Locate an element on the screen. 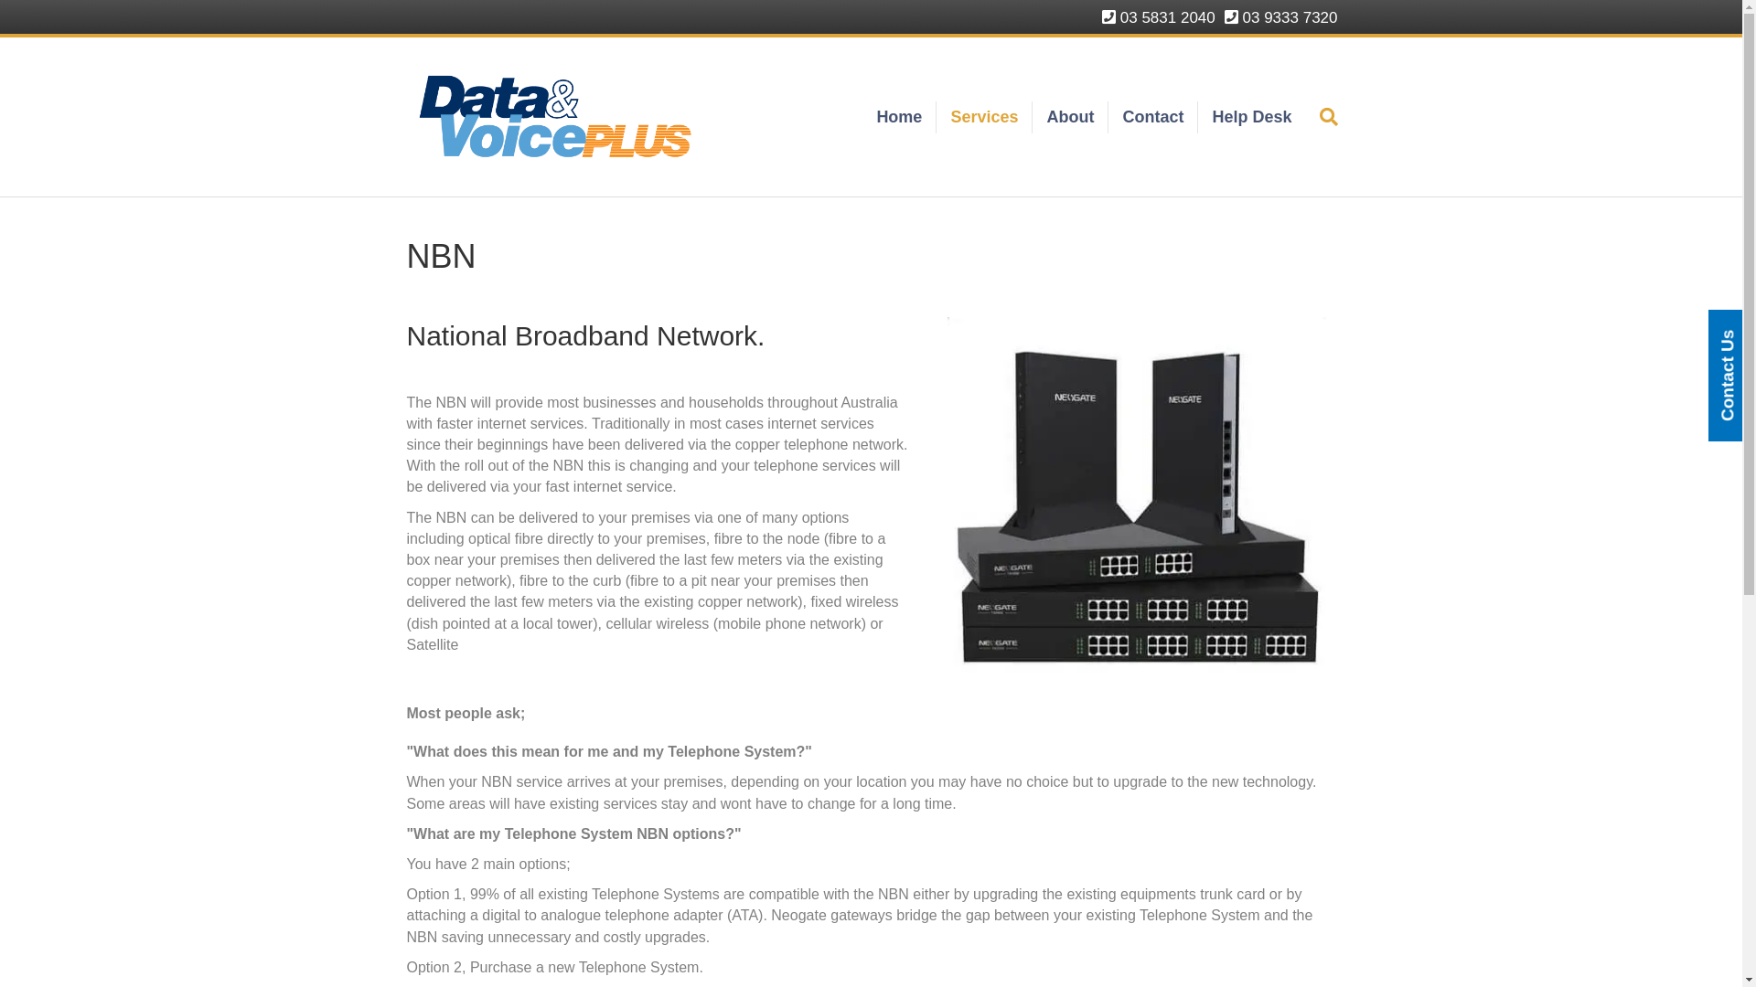 The height and width of the screenshot is (987, 1756). 'neogate VOIP telephone adaptor' is located at coordinates (1136, 500).